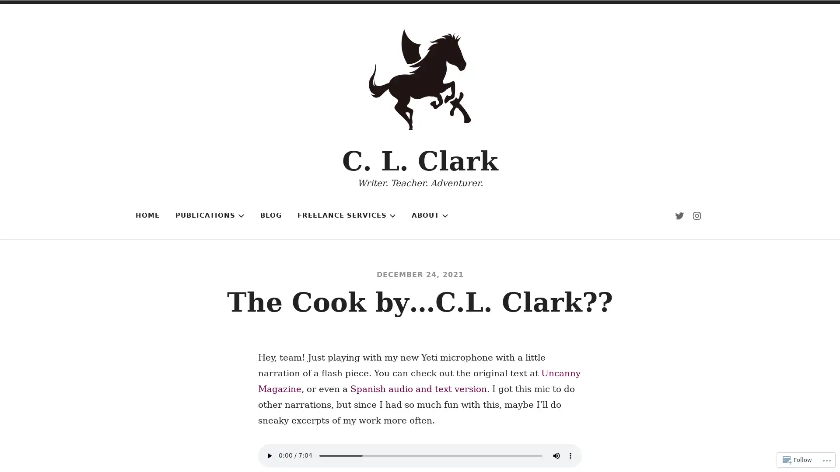  I want to click on play, so click(269, 455).